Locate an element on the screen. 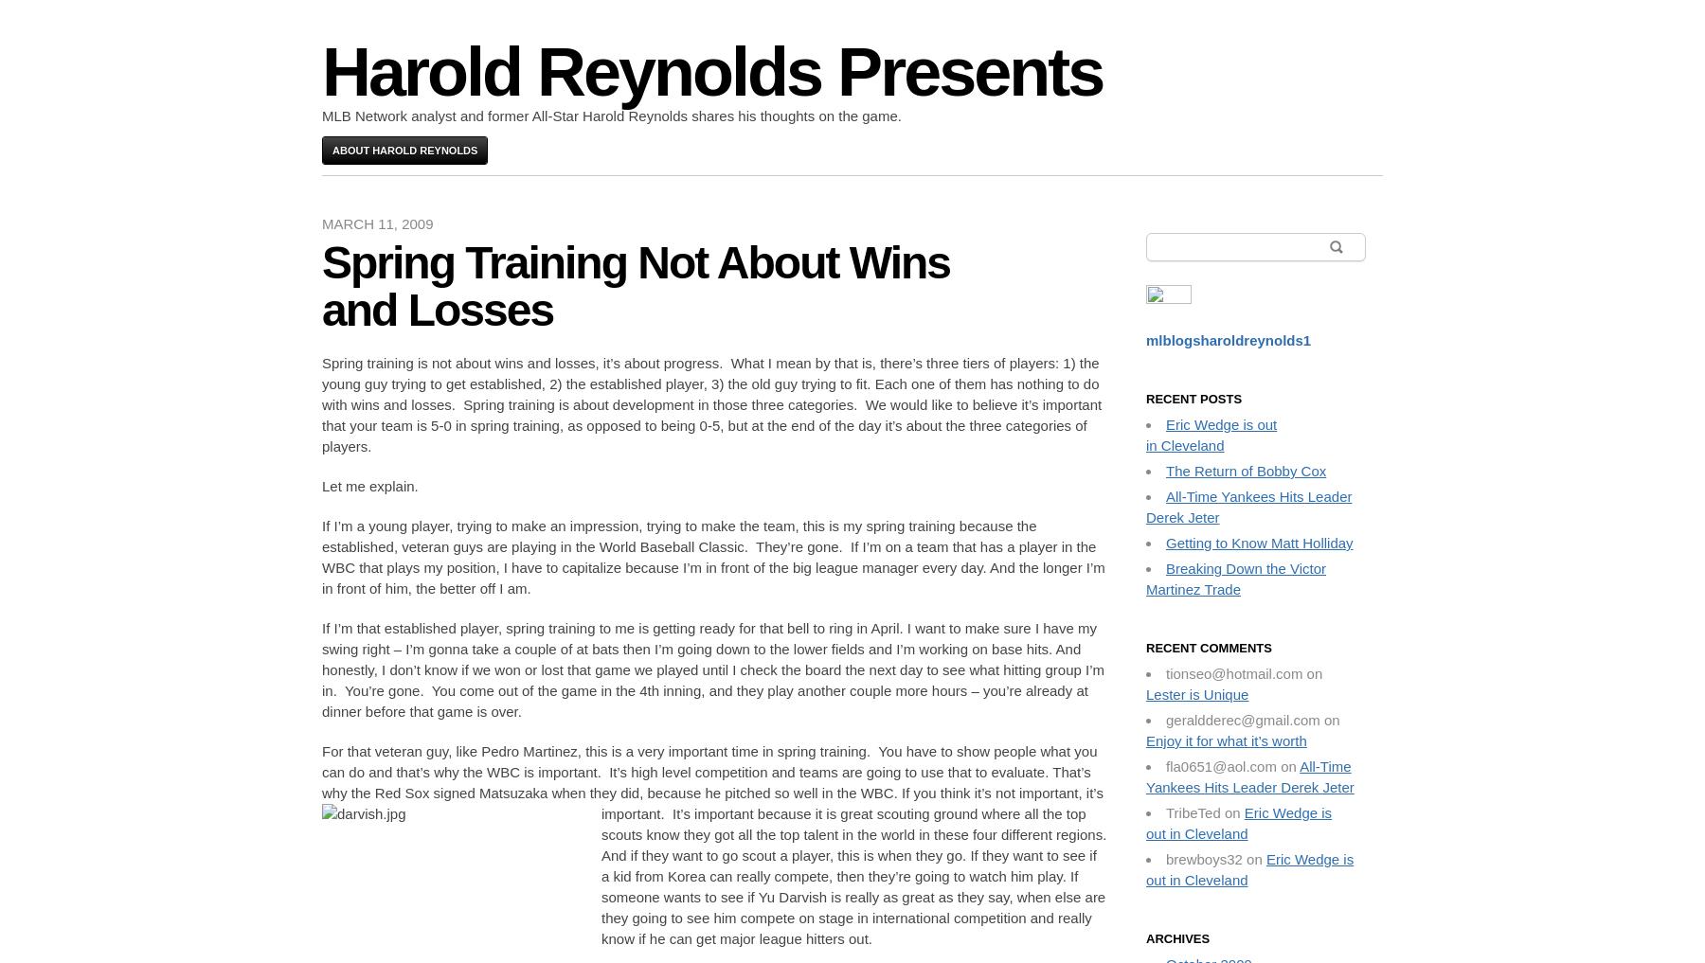 The height and width of the screenshot is (963, 1705). 'Breaking Down the Victor Martinez Trade' is located at coordinates (1235, 578).